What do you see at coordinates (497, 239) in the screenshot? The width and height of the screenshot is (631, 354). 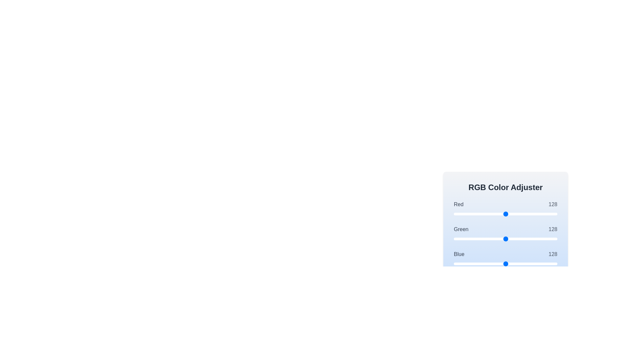 I see `the green slider to 107 where value is between 0 and 255` at bounding box center [497, 239].